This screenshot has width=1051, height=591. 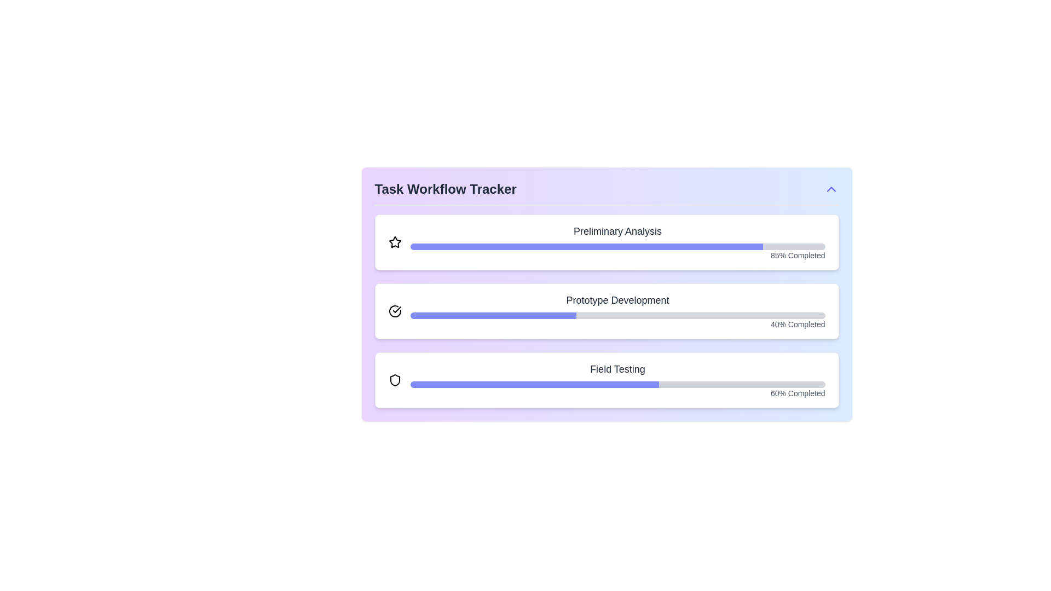 What do you see at coordinates (394, 242) in the screenshot?
I see `the star-shaped red icon with a bold border located on the left side of the 'Preliminary Analysis' card within the Task Workflow Tracker` at bounding box center [394, 242].